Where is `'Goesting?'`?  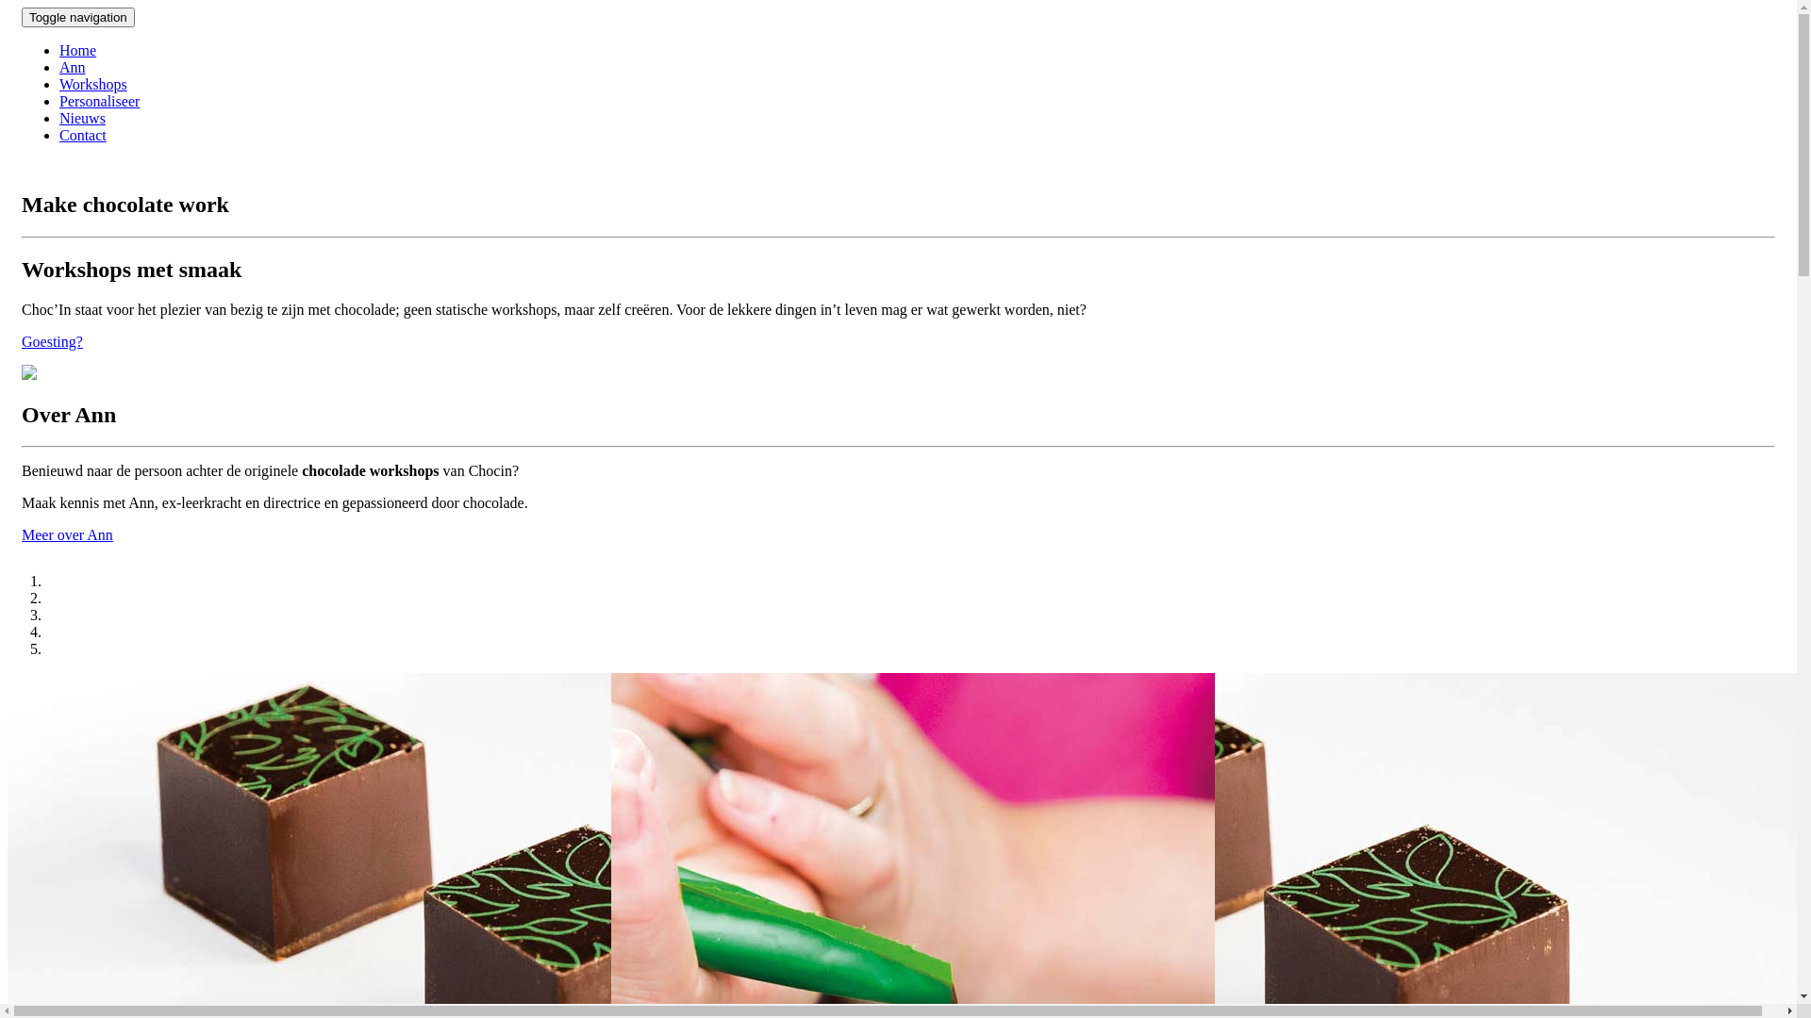 'Goesting?' is located at coordinates (52, 341).